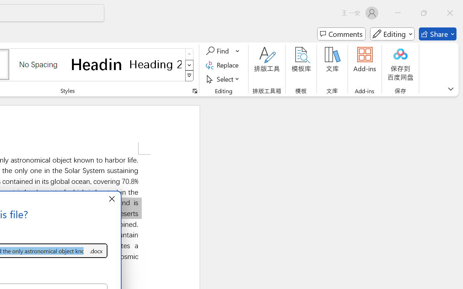  I want to click on 'Replace...', so click(223, 65).